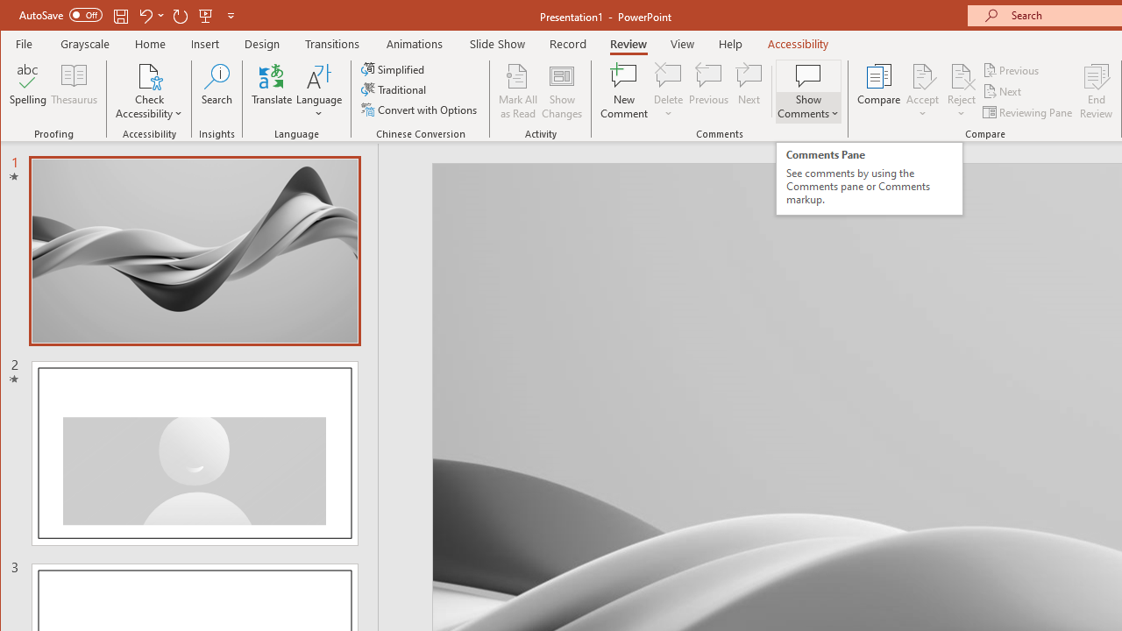 The height and width of the screenshot is (631, 1122). I want to click on 'Show Comments', so click(807, 91).